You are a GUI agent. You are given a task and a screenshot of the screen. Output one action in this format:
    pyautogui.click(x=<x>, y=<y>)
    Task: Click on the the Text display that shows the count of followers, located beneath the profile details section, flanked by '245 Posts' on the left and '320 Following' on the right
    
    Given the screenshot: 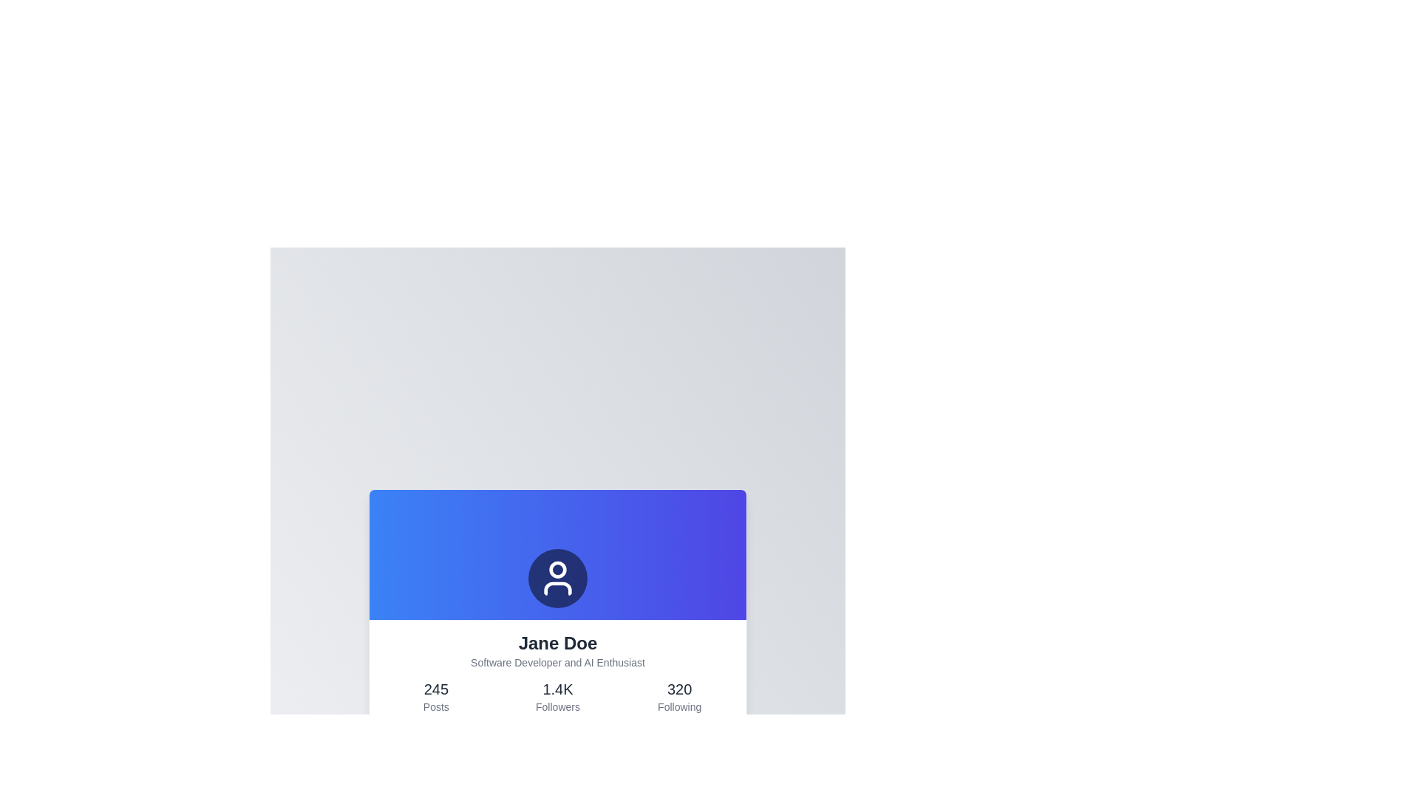 What is the action you would take?
    pyautogui.click(x=557, y=696)
    